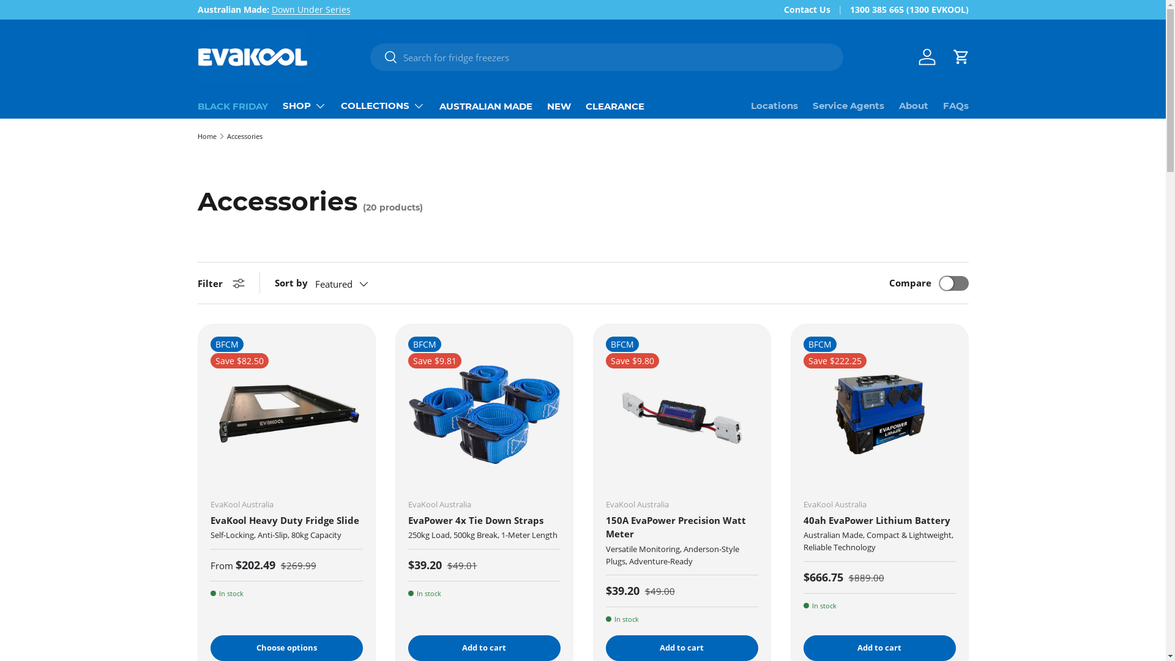  What do you see at coordinates (773, 105) in the screenshot?
I see `'Locations'` at bounding box center [773, 105].